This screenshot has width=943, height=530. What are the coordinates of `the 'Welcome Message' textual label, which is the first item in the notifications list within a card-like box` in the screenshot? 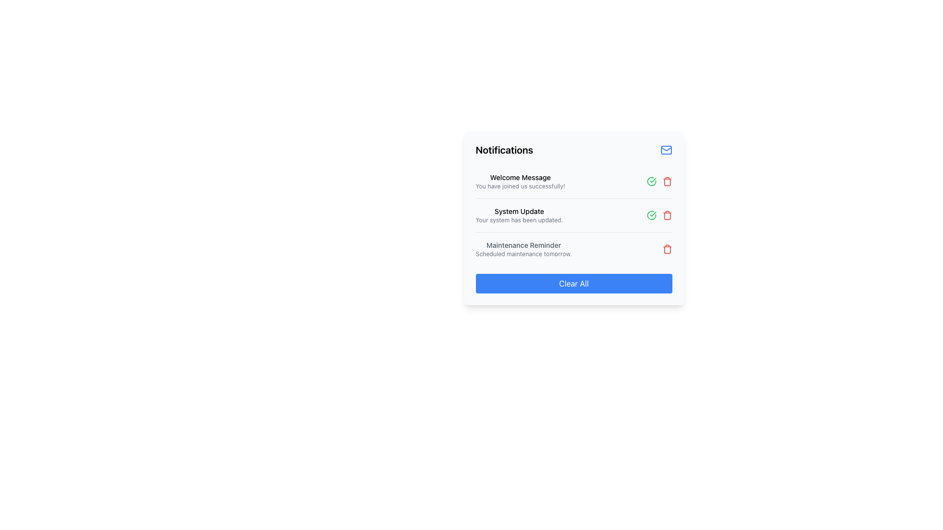 It's located at (520, 182).